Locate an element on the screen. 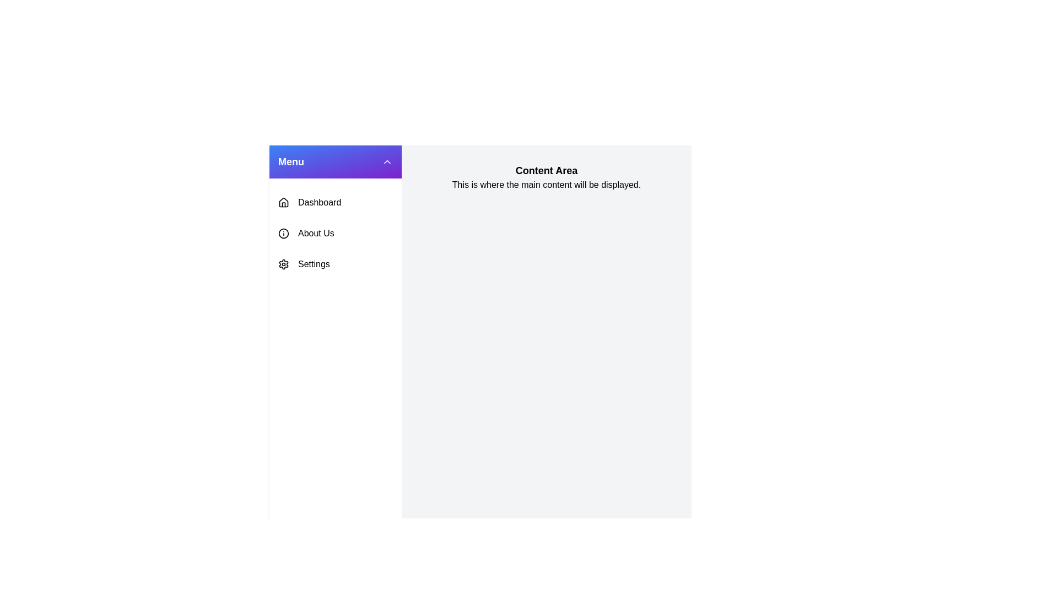 The width and height of the screenshot is (1058, 595). the menu item Dashboard to observe its hover effect is located at coordinates (335, 202).